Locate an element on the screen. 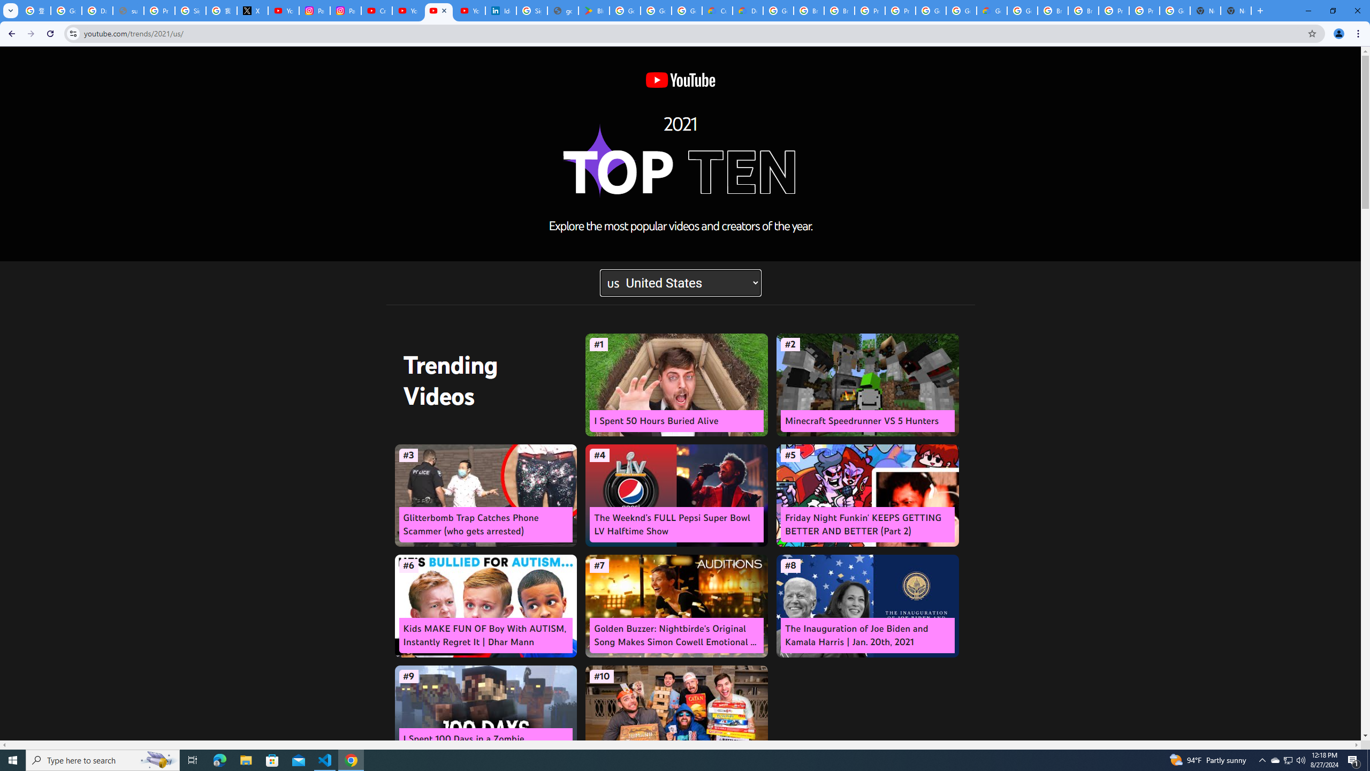 This screenshot has height=771, width=1370. 'Google Cloud Estimate Summary' is located at coordinates (991, 10).